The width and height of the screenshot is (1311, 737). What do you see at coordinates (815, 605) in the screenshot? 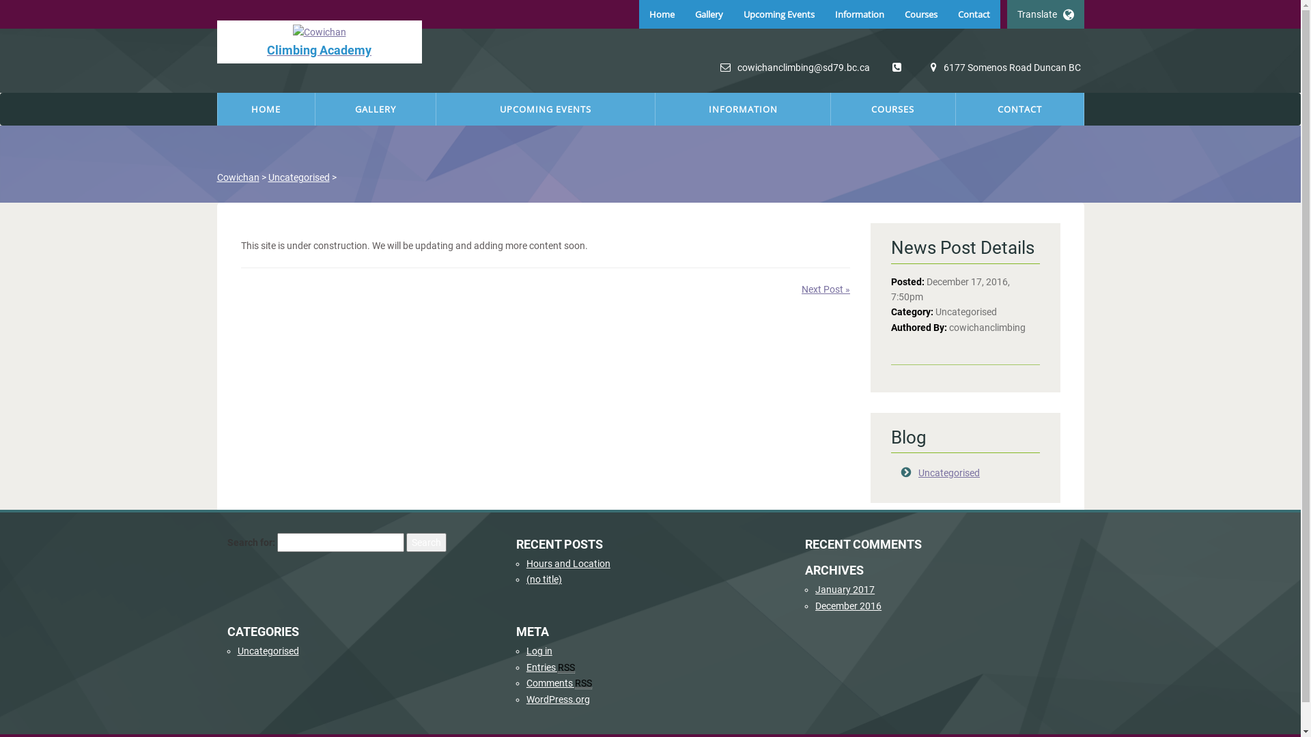
I see `'December 2016'` at bounding box center [815, 605].